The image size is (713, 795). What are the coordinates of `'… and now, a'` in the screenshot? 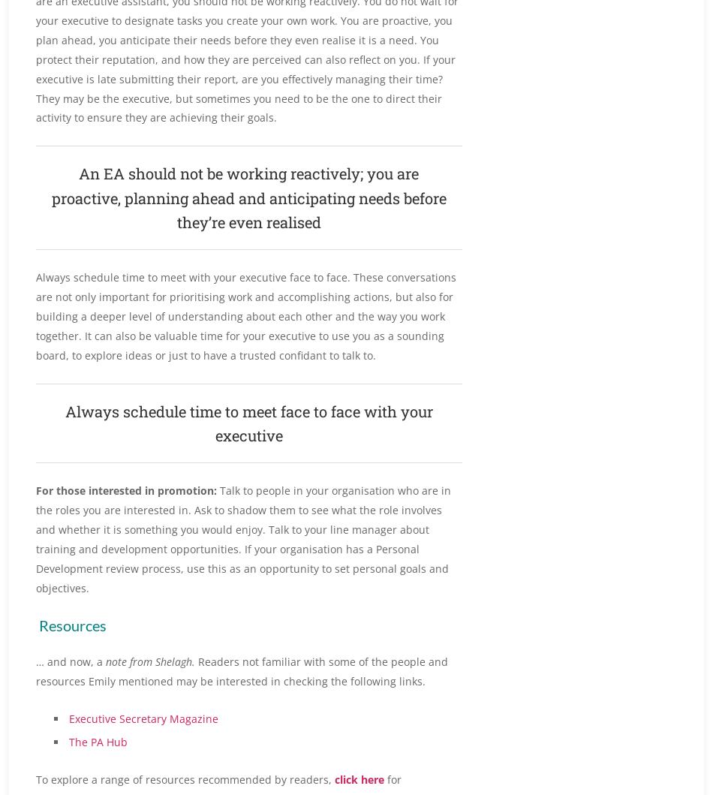 It's located at (69, 661).